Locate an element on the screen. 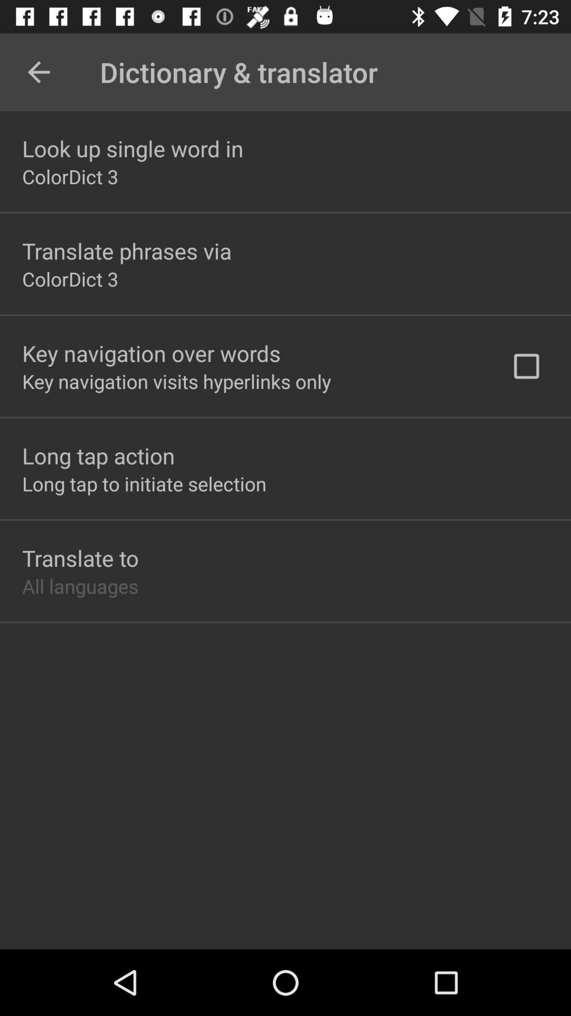  the item next to the dictionary & translator icon is located at coordinates (38, 71).